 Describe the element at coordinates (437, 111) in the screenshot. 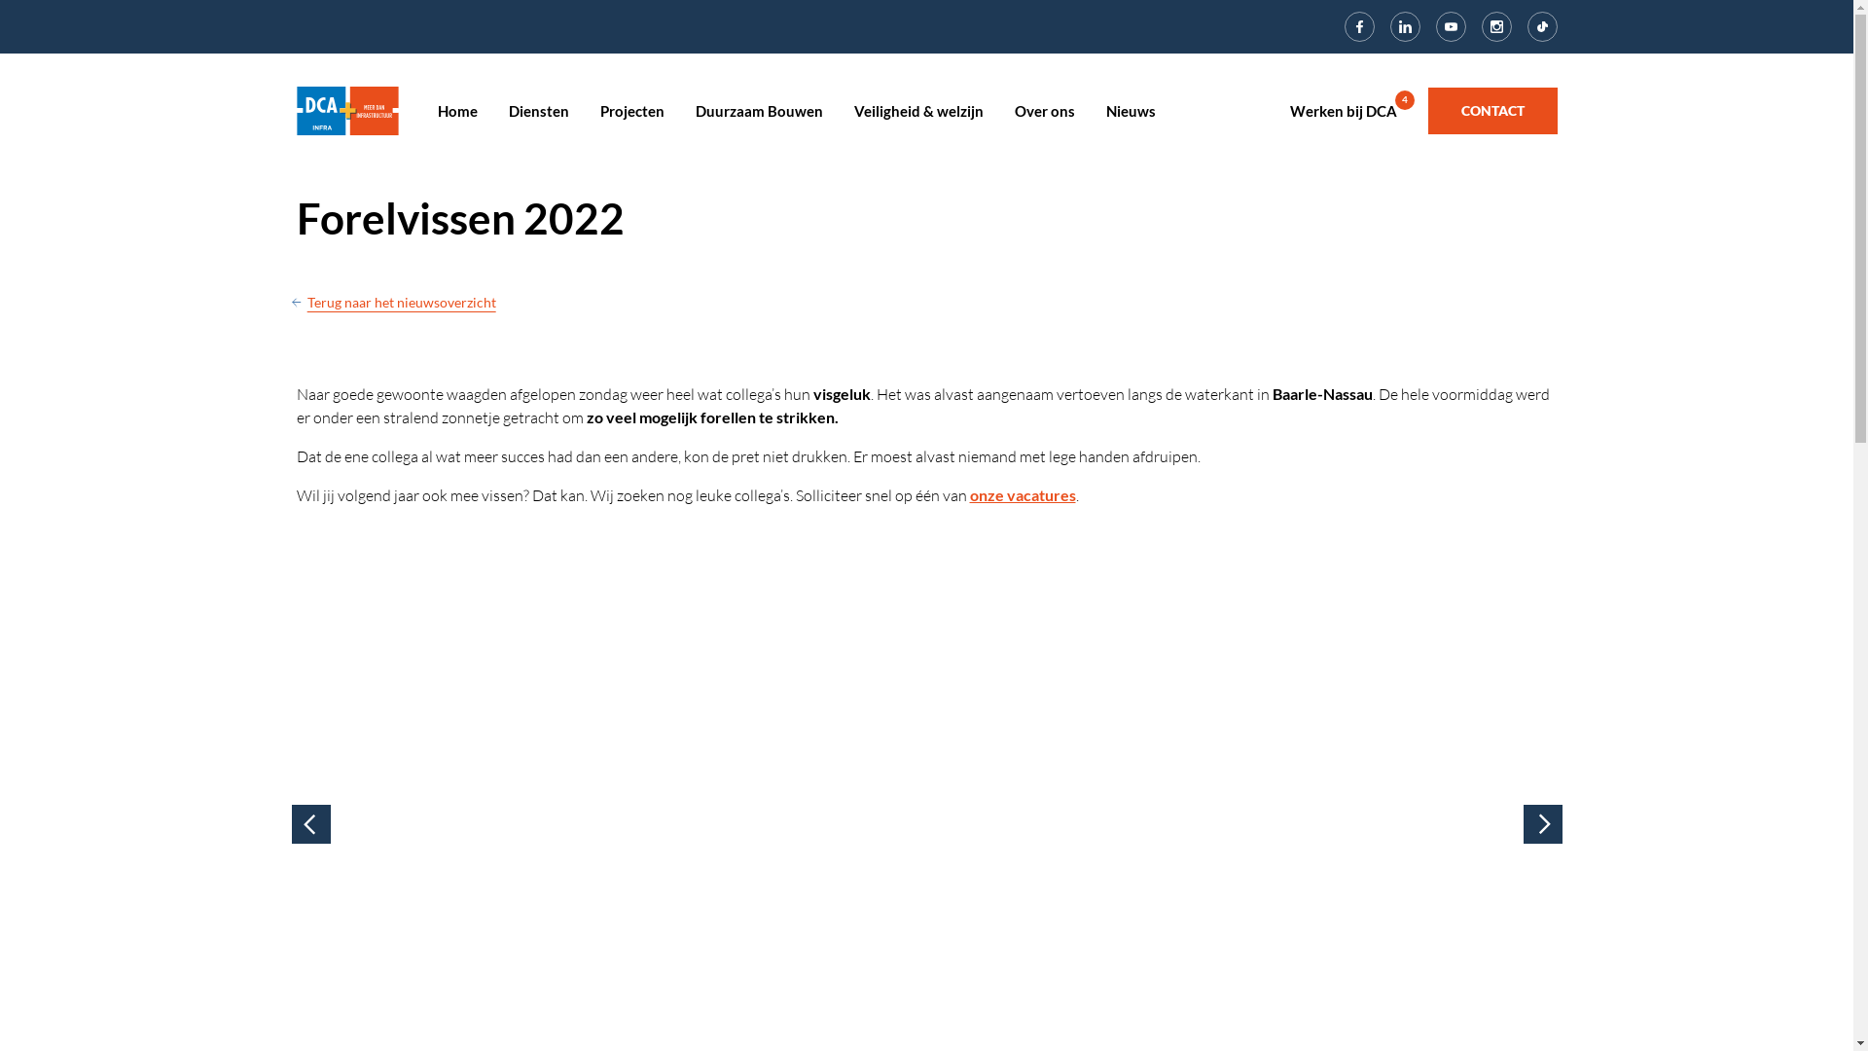

I see `'Home'` at that location.